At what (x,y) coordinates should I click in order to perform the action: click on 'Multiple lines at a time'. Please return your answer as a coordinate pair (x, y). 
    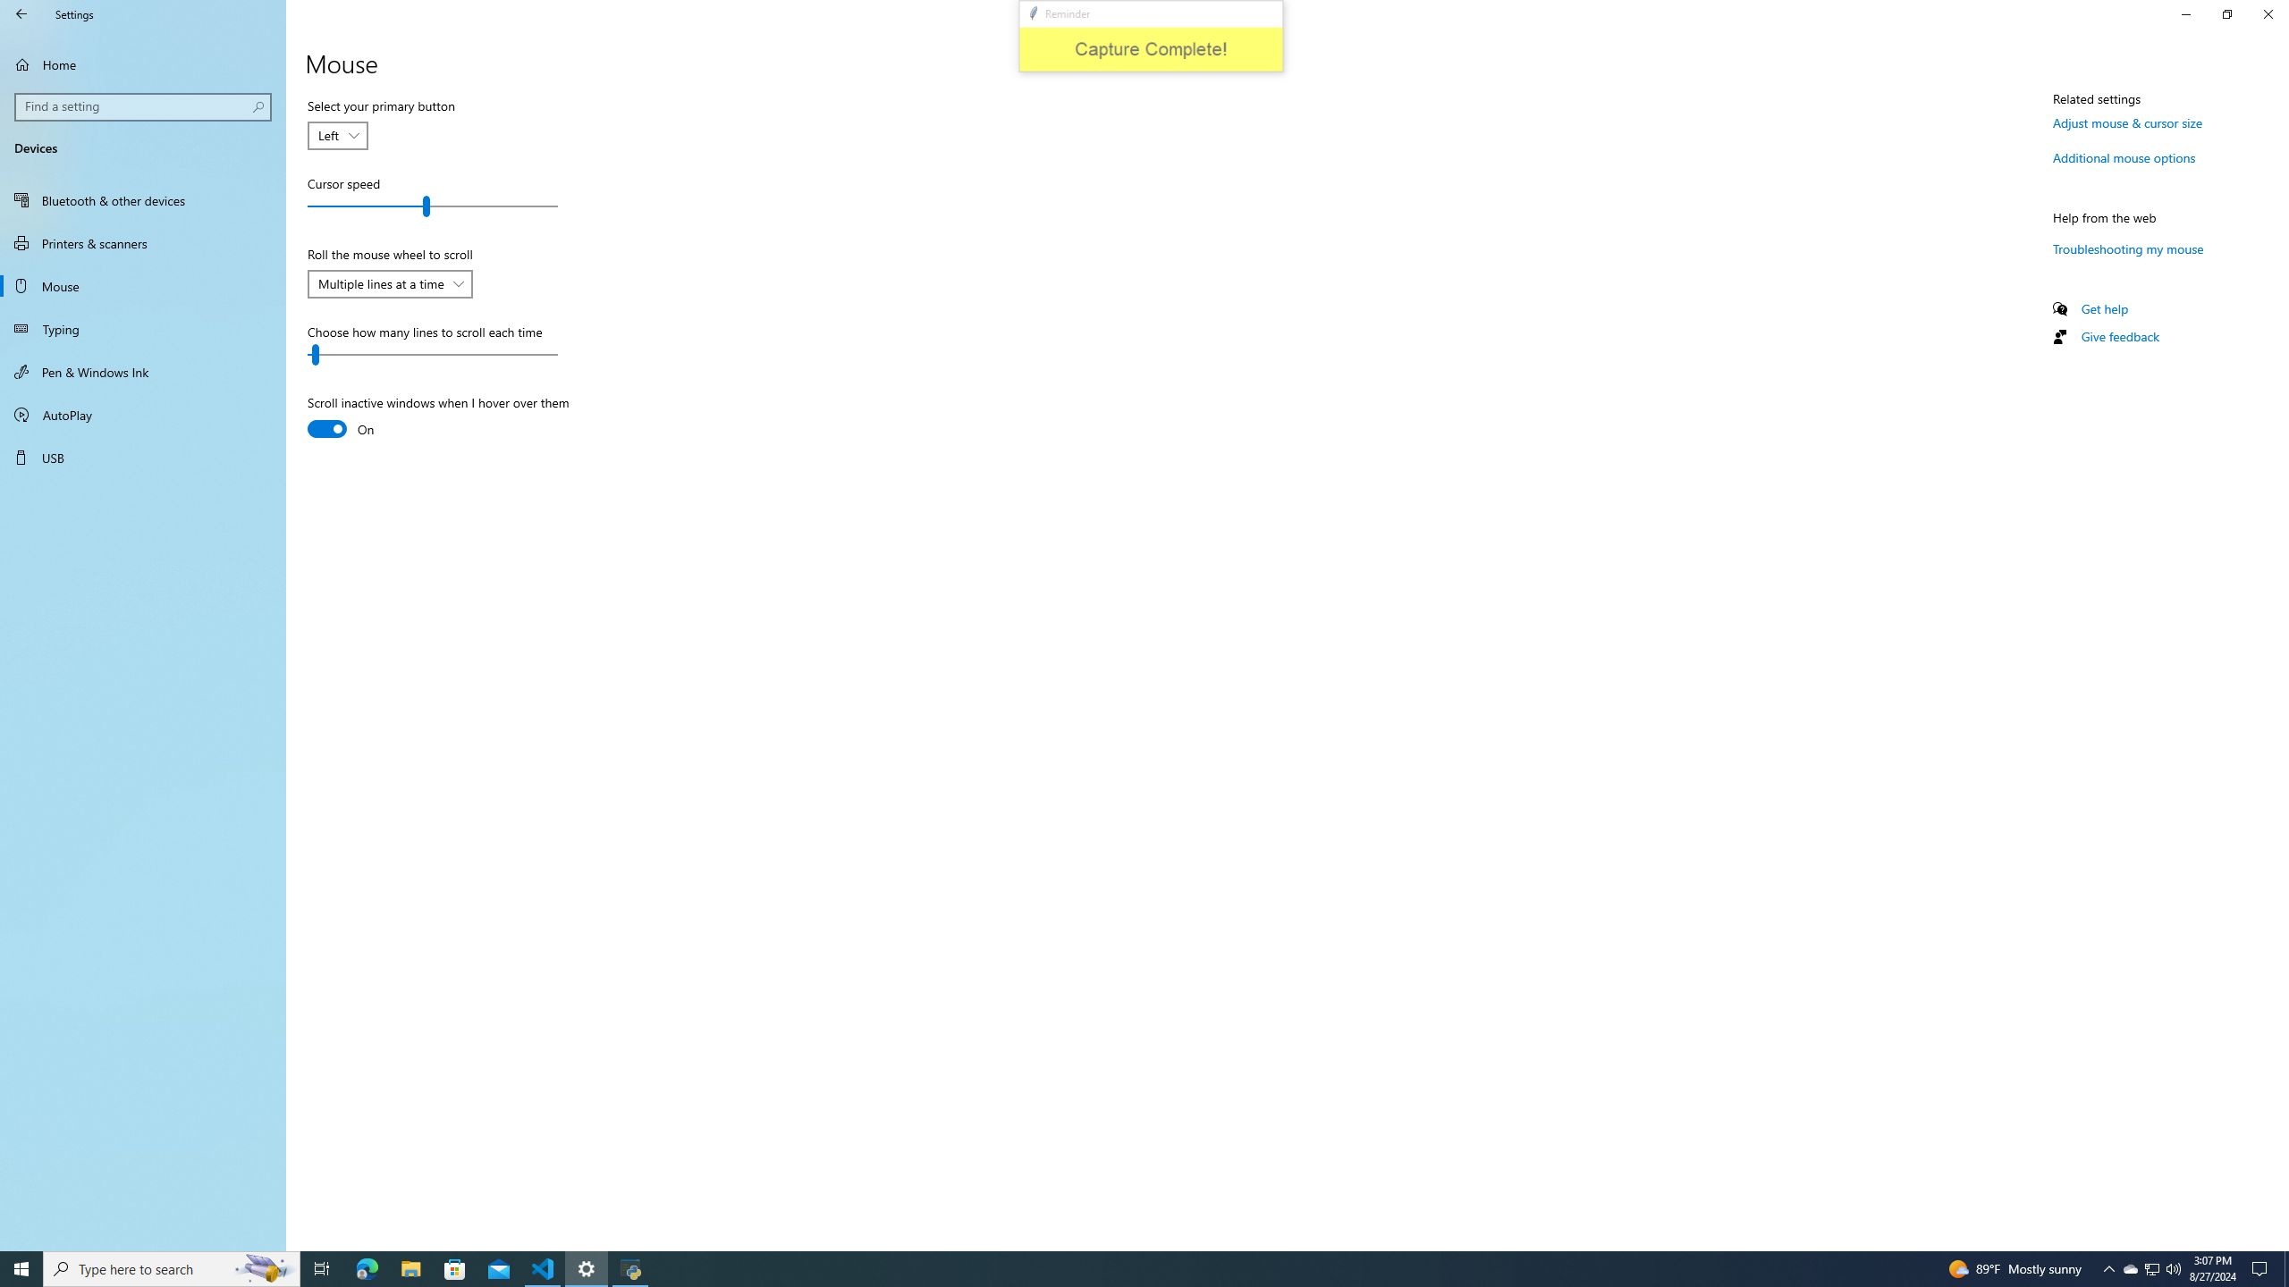
    Looking at the image, I should click on (380, 283).